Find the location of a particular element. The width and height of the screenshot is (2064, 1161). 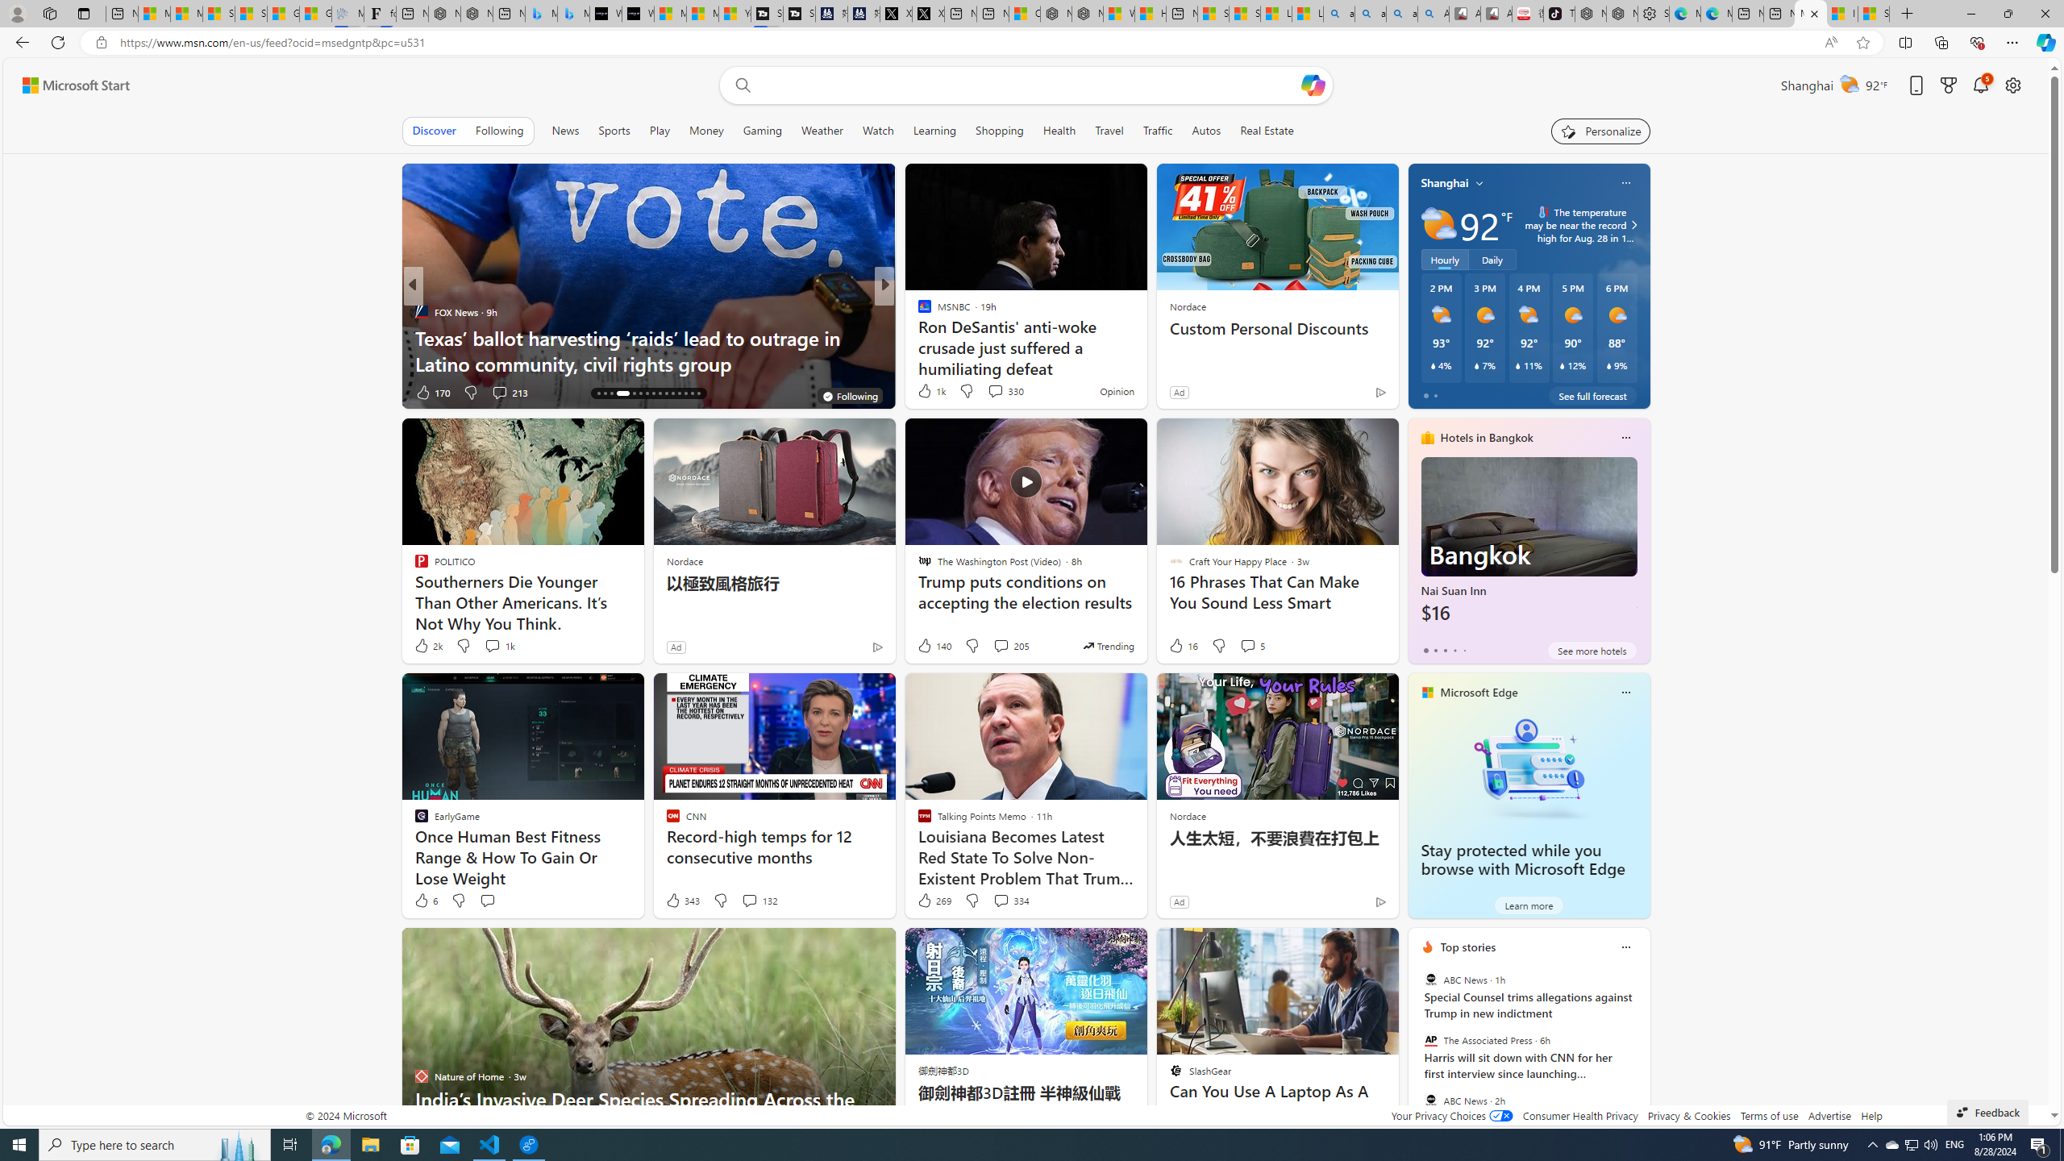

'Gaming' is located at coordinates (762, 130).